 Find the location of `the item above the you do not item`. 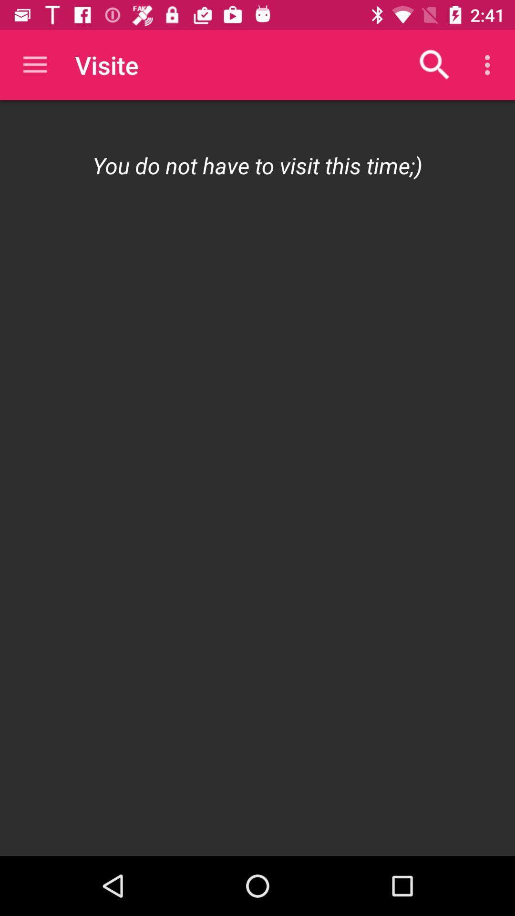

the item above the you do not item is located at coordinates (34, 64).